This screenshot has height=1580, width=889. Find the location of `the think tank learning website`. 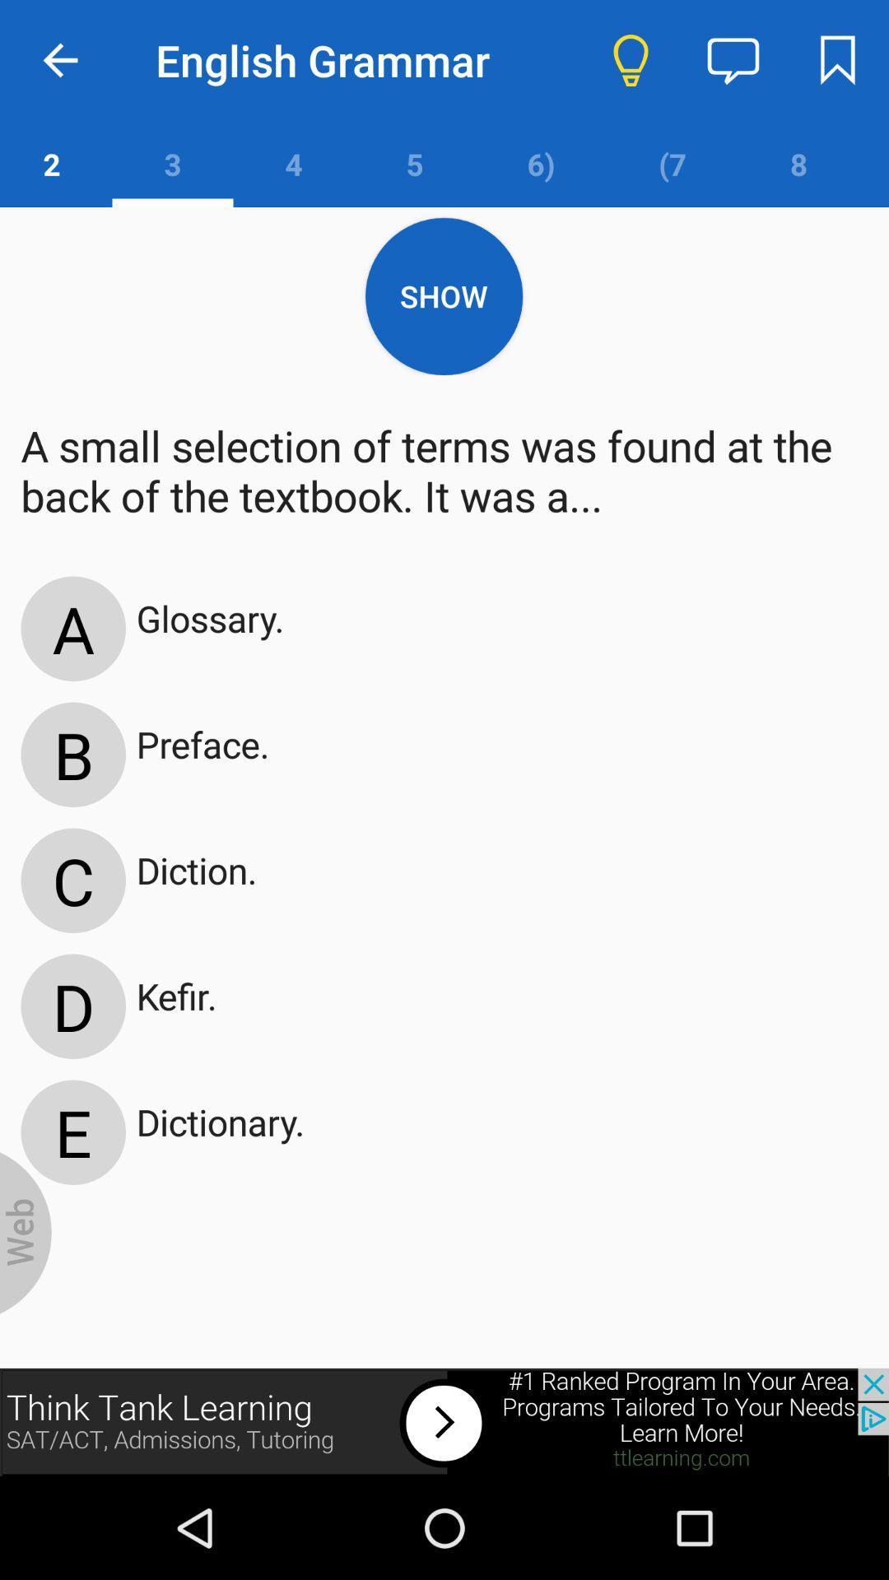

the think tank learning website is located at coordinates (444, 1421).